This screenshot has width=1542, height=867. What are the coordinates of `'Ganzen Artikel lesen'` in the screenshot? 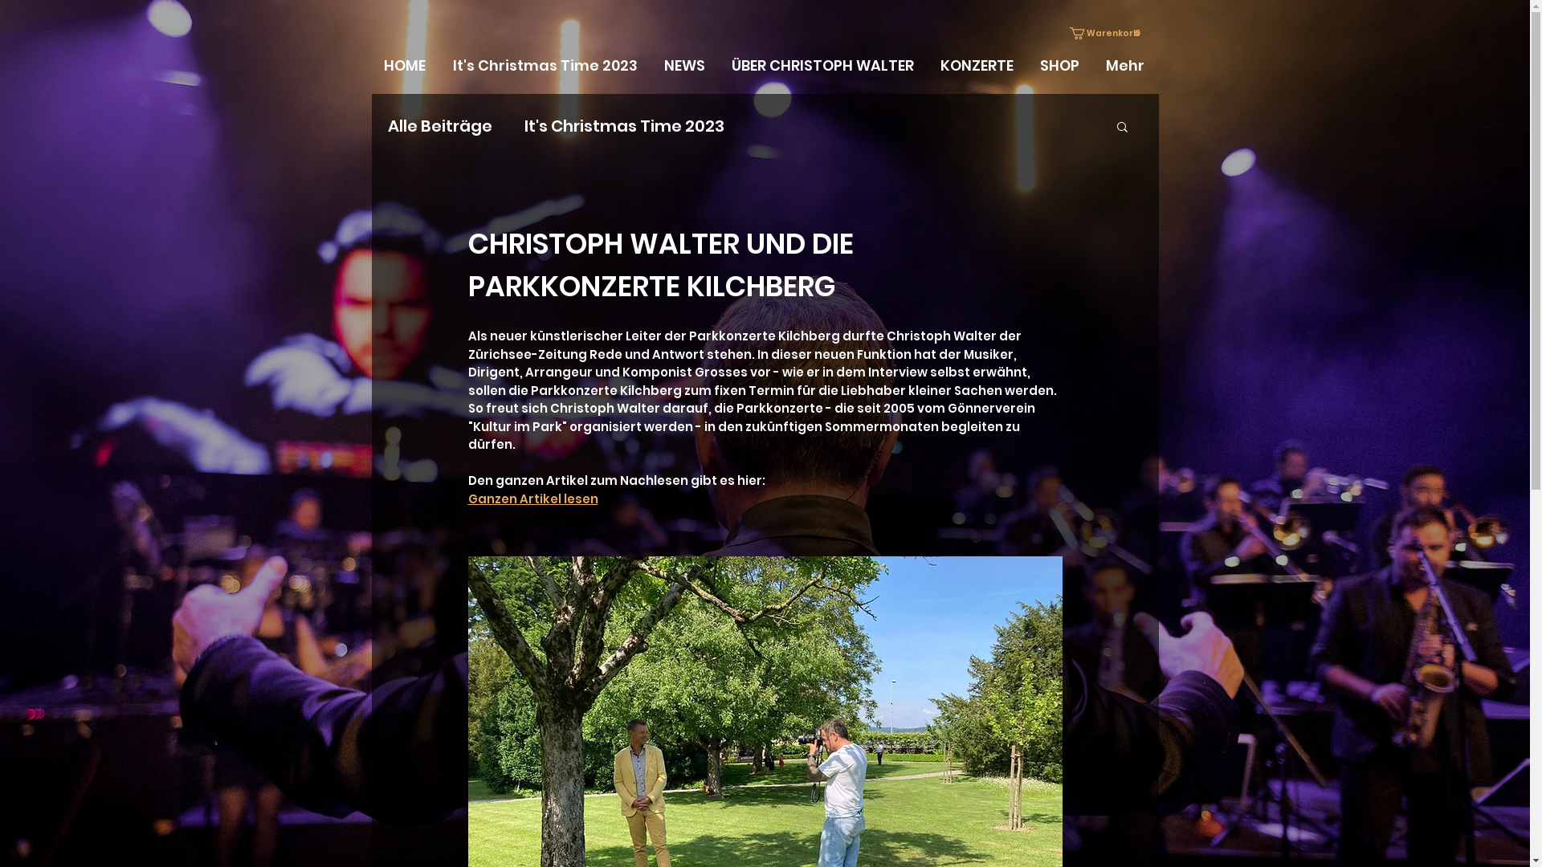 It's located at (532, 497).